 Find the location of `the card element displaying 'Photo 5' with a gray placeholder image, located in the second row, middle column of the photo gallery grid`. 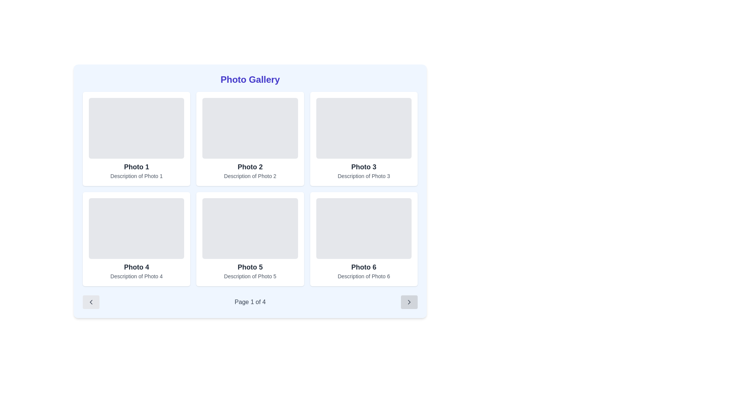

the card element displaying 'Photo 5' with a gray placeholder image, located in the second row, middle column of the photo gallery grid is located at coordinates (250, 238).